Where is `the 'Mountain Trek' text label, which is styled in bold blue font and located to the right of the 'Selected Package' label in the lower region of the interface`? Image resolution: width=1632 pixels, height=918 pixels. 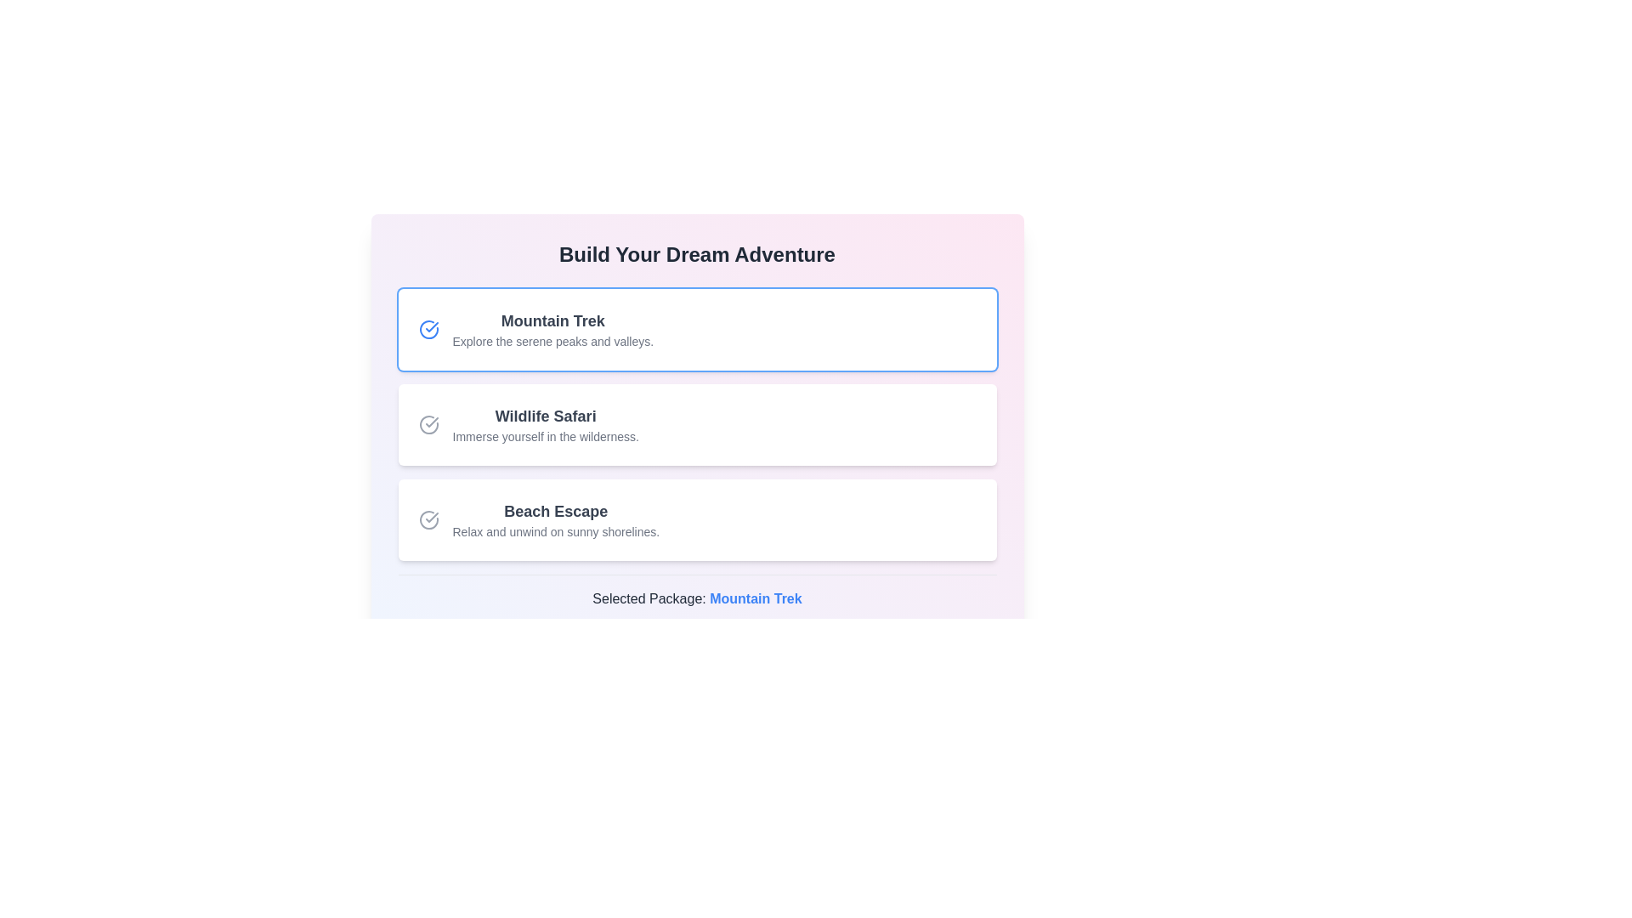 the 'Mountain Trek' text label, which is styled in bold blue font and located to the right of the 'Selected Package' label in the lower region of the interface is located at coordinates (755, 598).